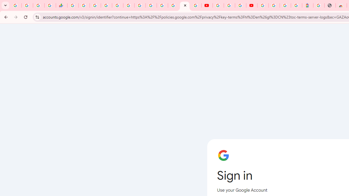  I want to click on 'YouTube', so click(218, 5).